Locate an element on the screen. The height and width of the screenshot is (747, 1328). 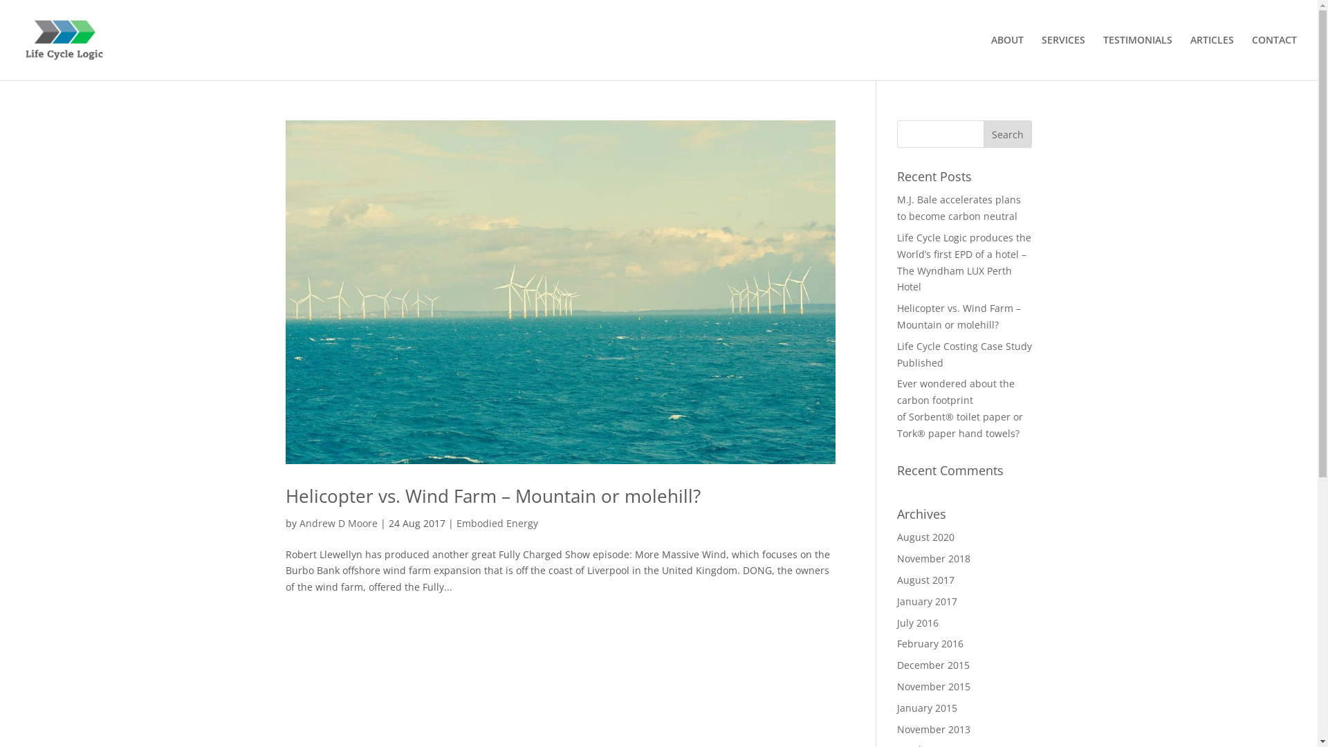
'December 2015' is located at coordinates (933, 664).